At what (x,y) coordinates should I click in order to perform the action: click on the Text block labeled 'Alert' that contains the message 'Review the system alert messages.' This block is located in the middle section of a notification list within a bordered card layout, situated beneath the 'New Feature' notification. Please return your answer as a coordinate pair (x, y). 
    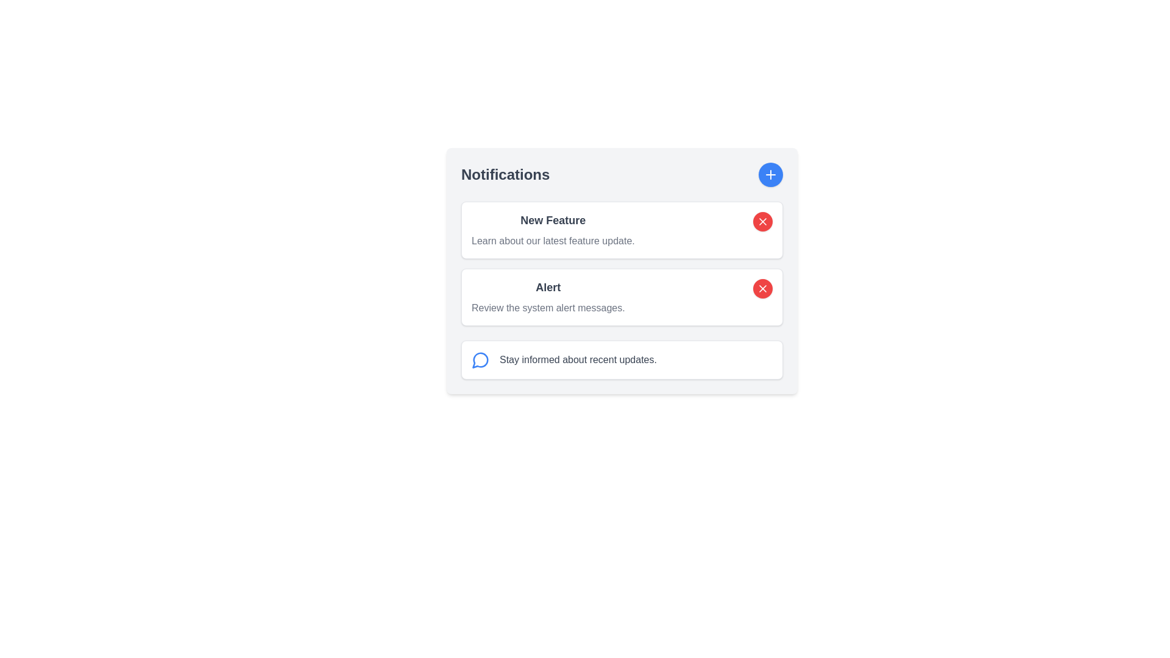
    Looking at the image, I should click on (547, 297).